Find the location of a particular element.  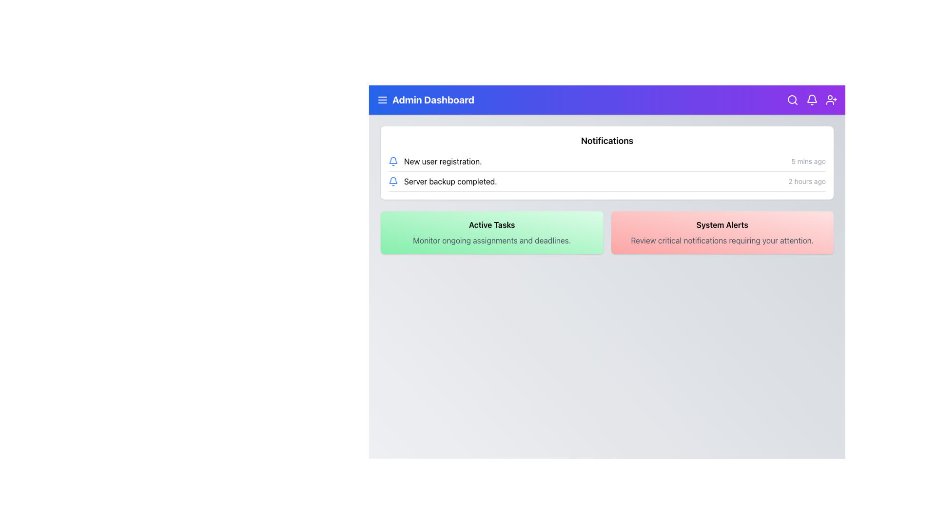

the outlined icon button representing user addition, located at the far right of the top navigation bar is located at coordinates (831, 100).